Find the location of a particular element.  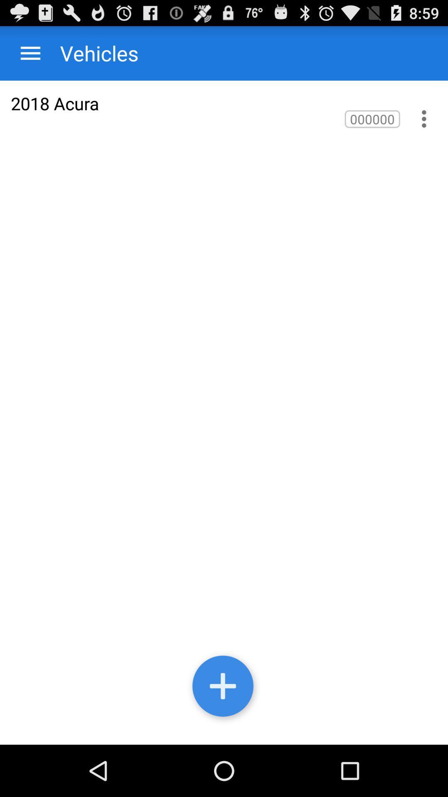

sign is located at coordinates (224, 688).